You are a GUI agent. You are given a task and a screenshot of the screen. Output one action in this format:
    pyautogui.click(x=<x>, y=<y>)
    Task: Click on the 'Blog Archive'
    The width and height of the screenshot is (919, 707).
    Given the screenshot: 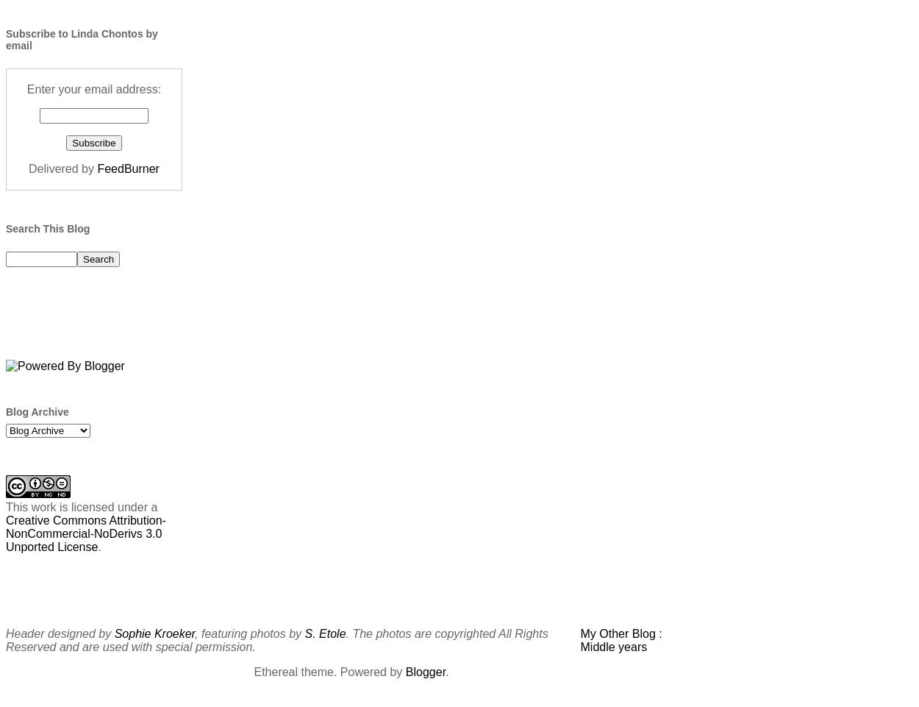 What is the action you would take?
    pyautogui.click(x=37, y=411)
    